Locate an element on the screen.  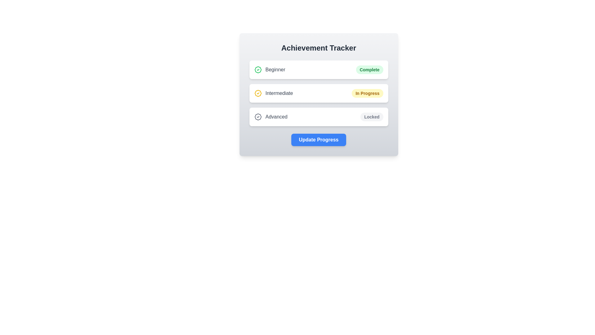
the circular badge with a checkmark icon representing a status indicator, located to the left of the text label 'Advanced' is located at coordinates (258, 117).